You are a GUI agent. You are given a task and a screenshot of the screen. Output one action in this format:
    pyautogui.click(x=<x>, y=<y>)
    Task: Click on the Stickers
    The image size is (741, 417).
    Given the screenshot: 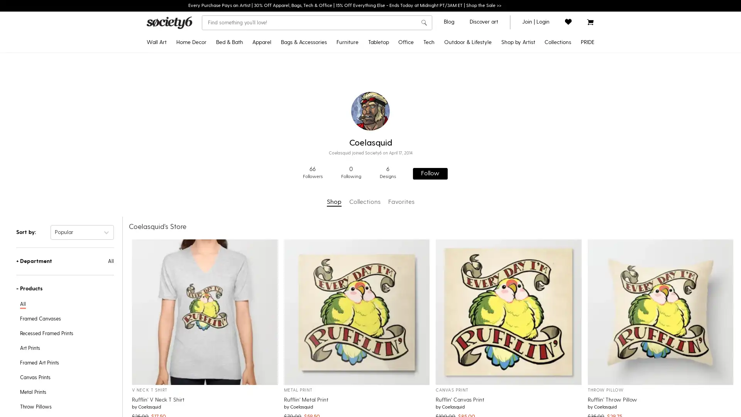 What is the action you would take?
    pyautogui.click(x=425, y=75)
    